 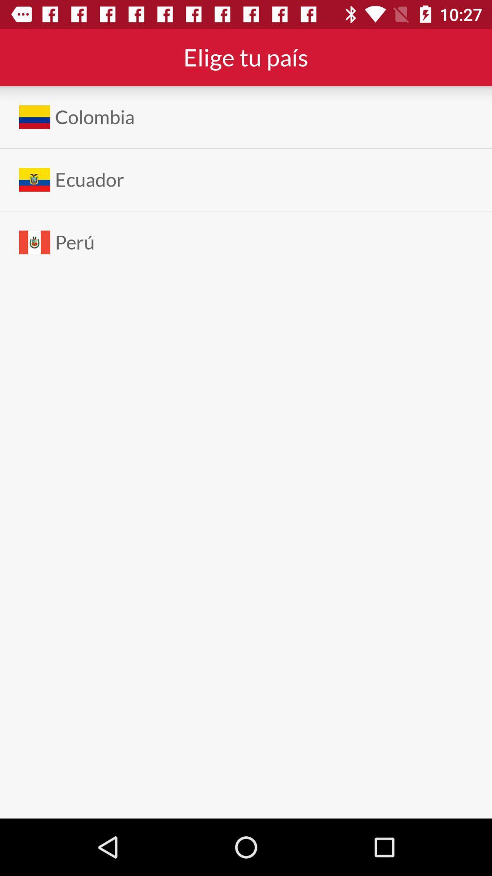 What do you see at coordinates (89, 180) in the screenshot?
I see `the ecuador item` at bounding box center [89, 180].